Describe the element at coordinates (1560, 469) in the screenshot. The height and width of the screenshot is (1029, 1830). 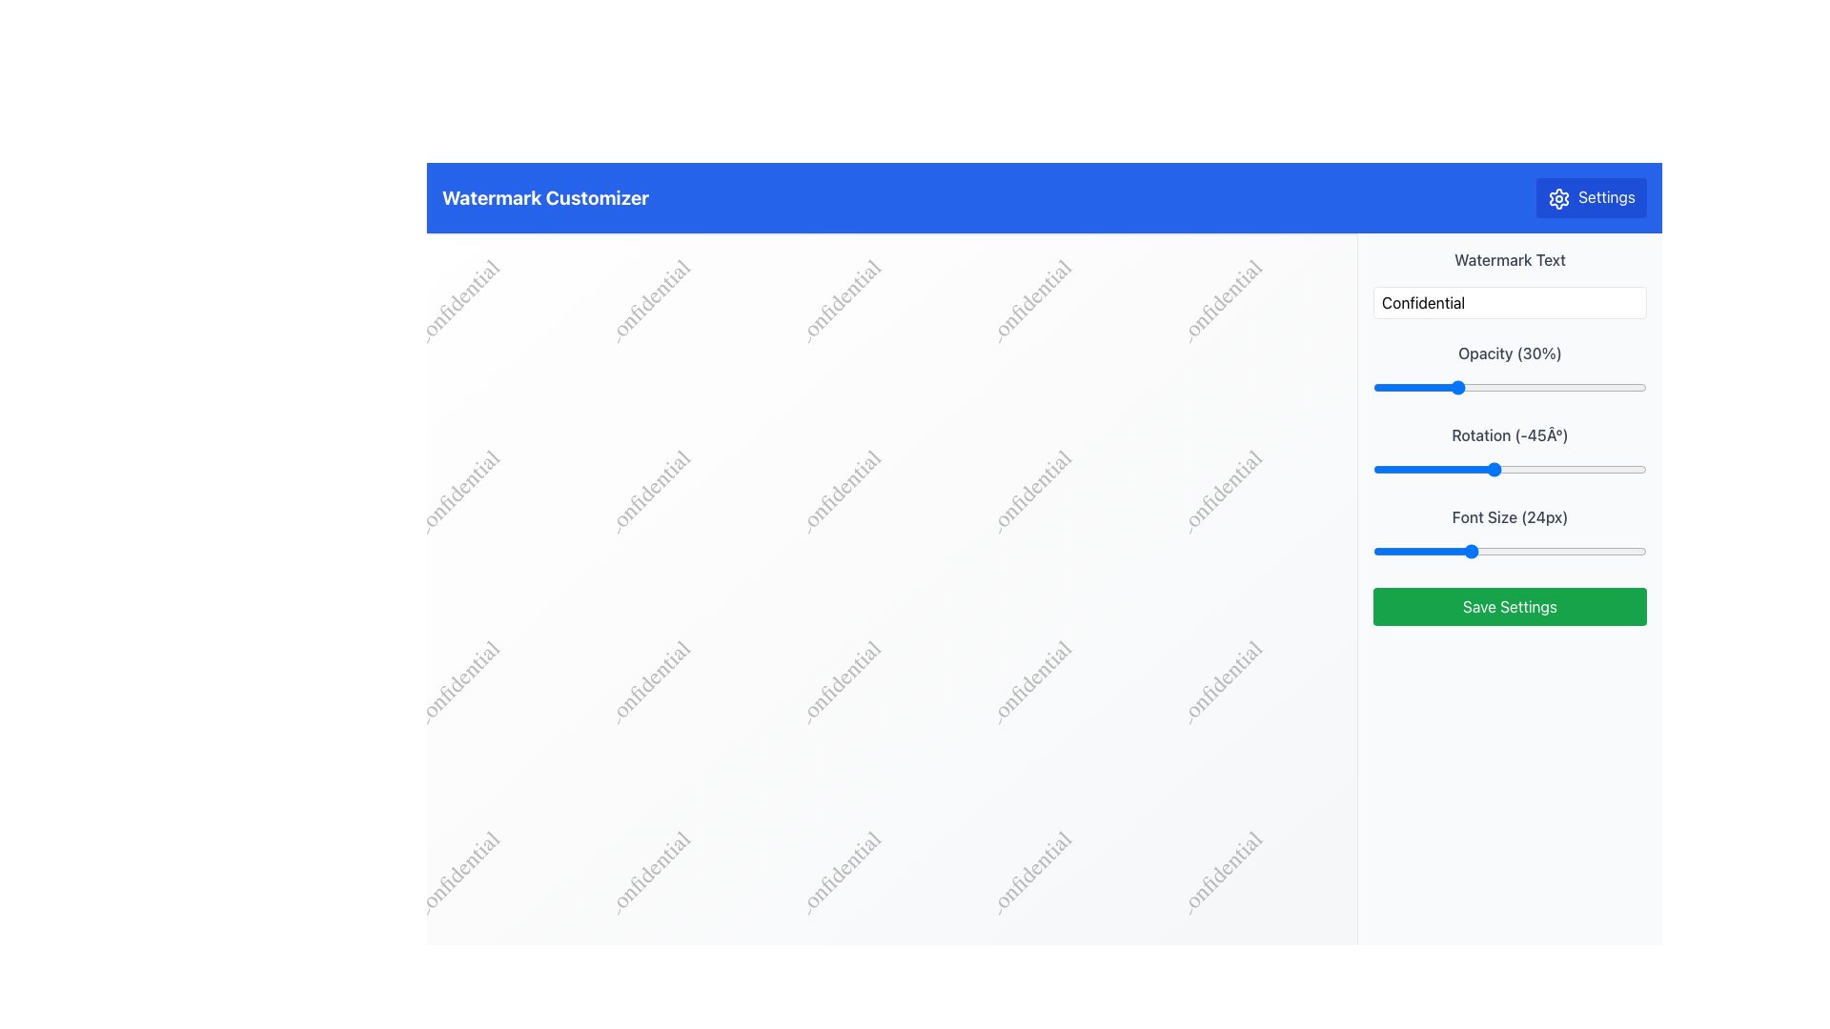
I see `rotation` at that location.